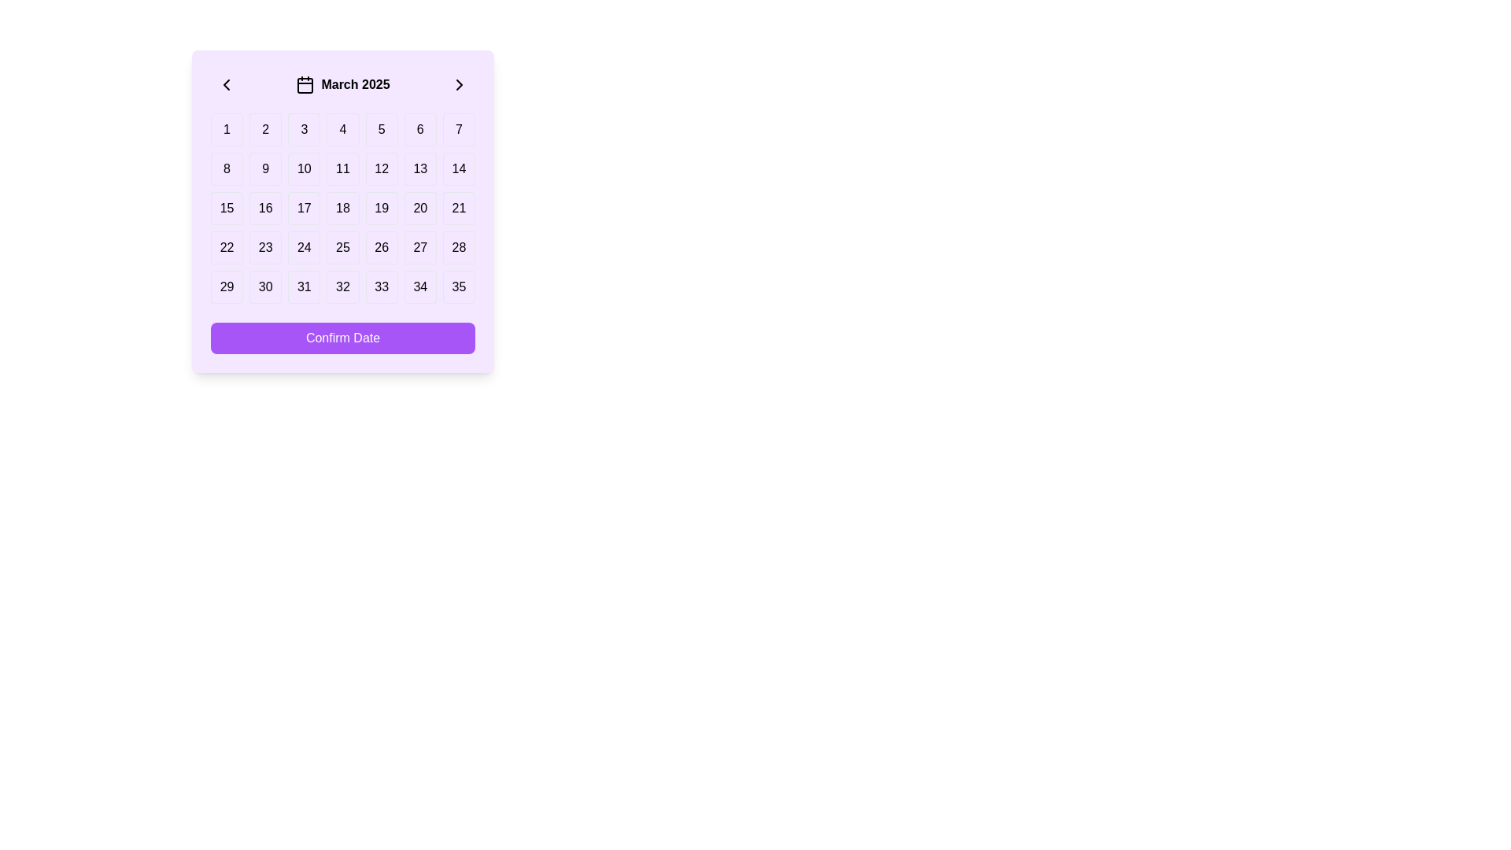 This screenshot has height=850, width=1511. Describe the element at coordinates (382, 129) in the screenshot. I see `the square button with a rounded border containing the number '5', located in the first row and fifth column of a grid layout` at that location.